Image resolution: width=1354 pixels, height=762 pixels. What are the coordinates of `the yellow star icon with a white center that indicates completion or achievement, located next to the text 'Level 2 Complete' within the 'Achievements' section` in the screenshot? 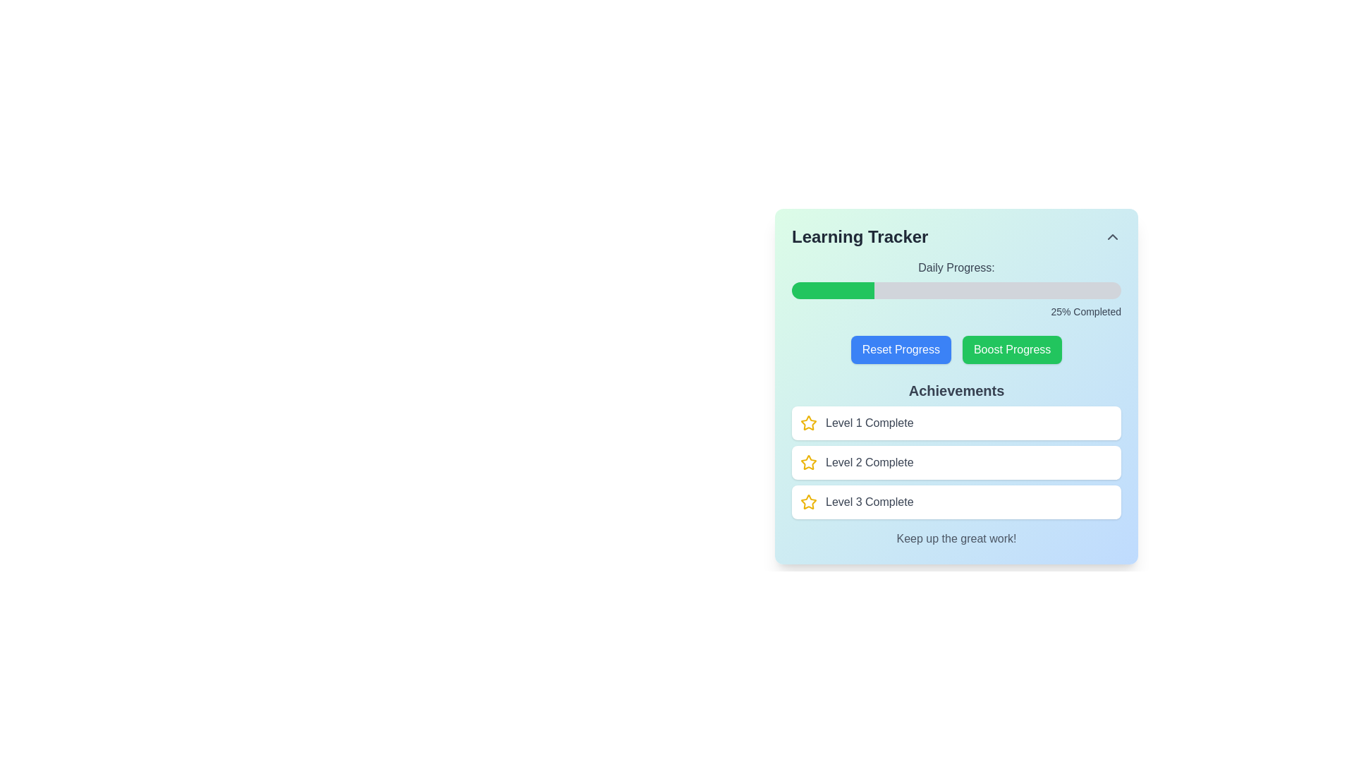 It's located at (809, 422).